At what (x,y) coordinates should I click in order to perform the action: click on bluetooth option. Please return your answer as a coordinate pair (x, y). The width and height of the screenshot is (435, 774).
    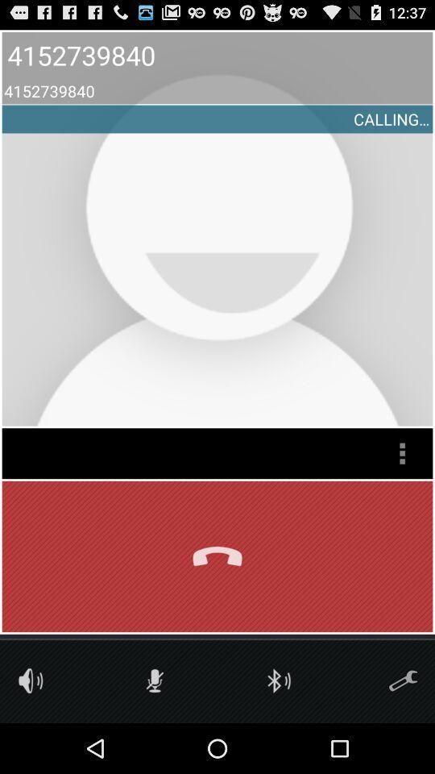
    Looking at the image, I should click on (278, 680).